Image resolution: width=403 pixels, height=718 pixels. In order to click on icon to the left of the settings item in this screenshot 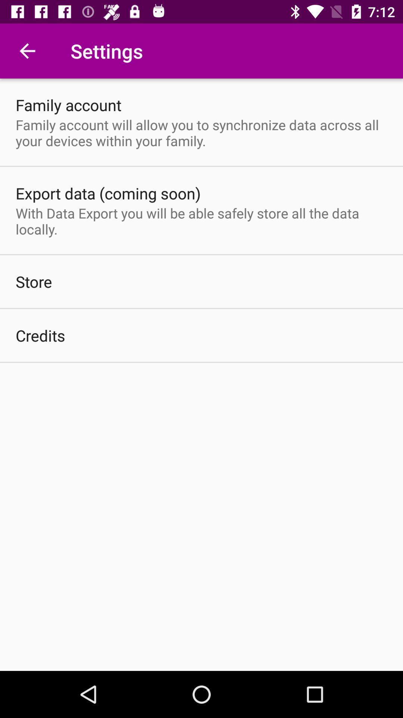, I will do `click(27, 50)`.